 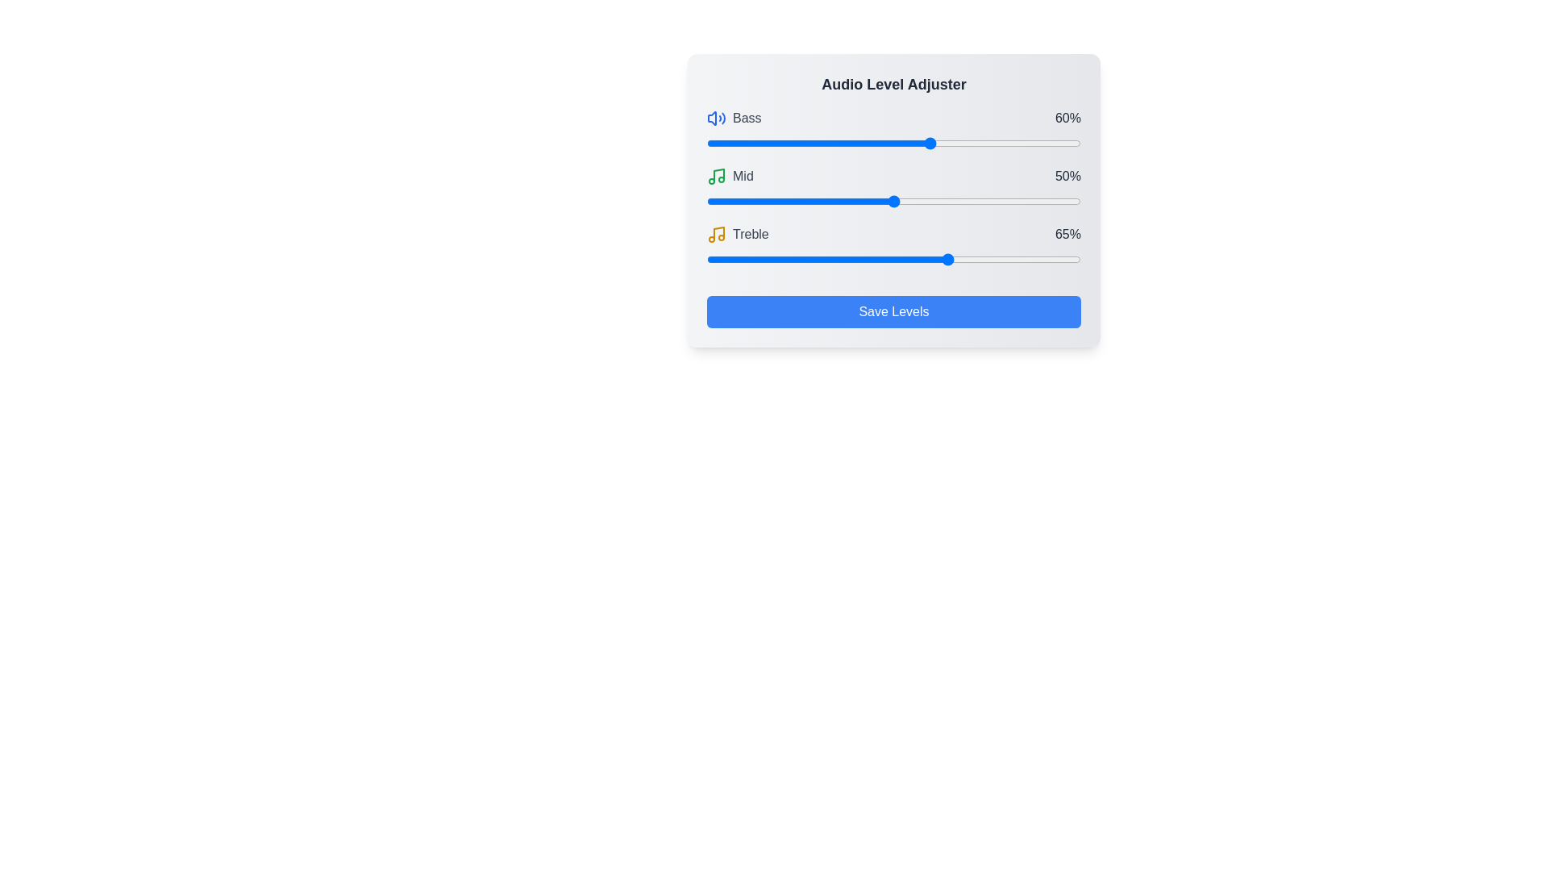 What do you see at coordinates (897, 258) in the screenshot?
I see `the slider` at bounding box center [897, 258].